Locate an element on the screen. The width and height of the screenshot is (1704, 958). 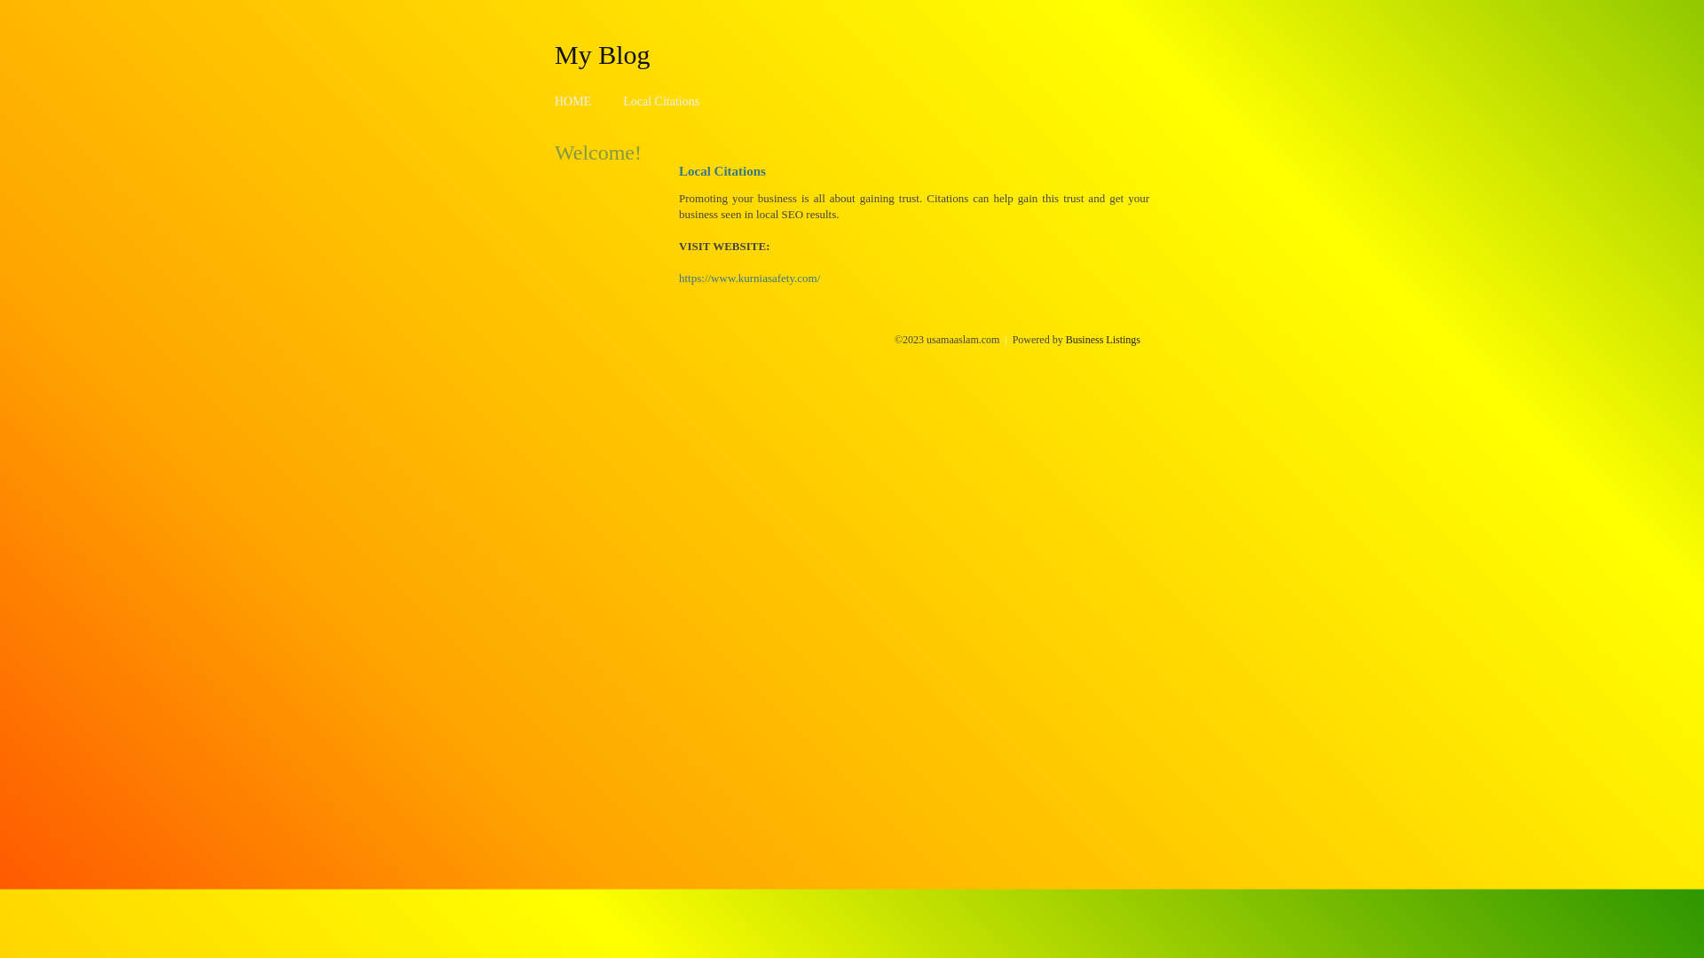
'https://www.kurniasafety.com/' is located at coordinates (677, 278).